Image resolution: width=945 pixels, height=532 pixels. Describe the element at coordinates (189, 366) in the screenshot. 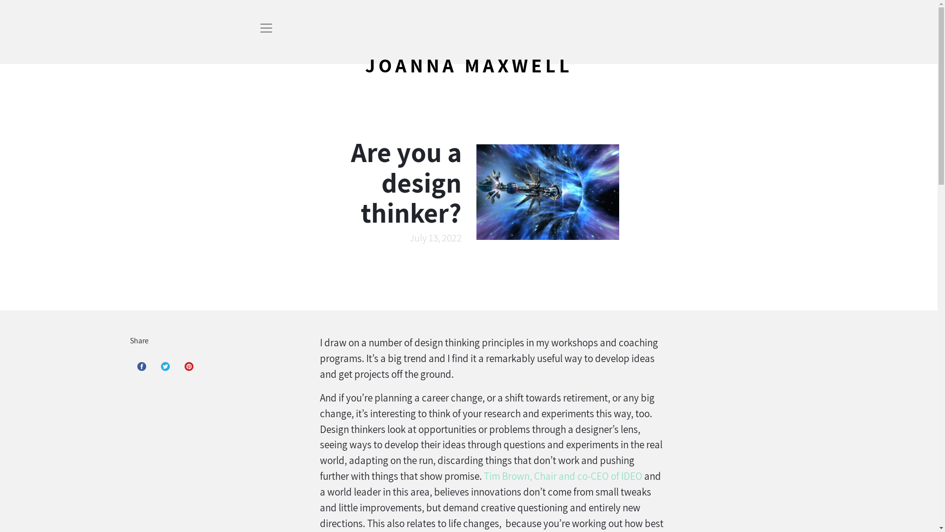

I see `'pinterest'` at that location.